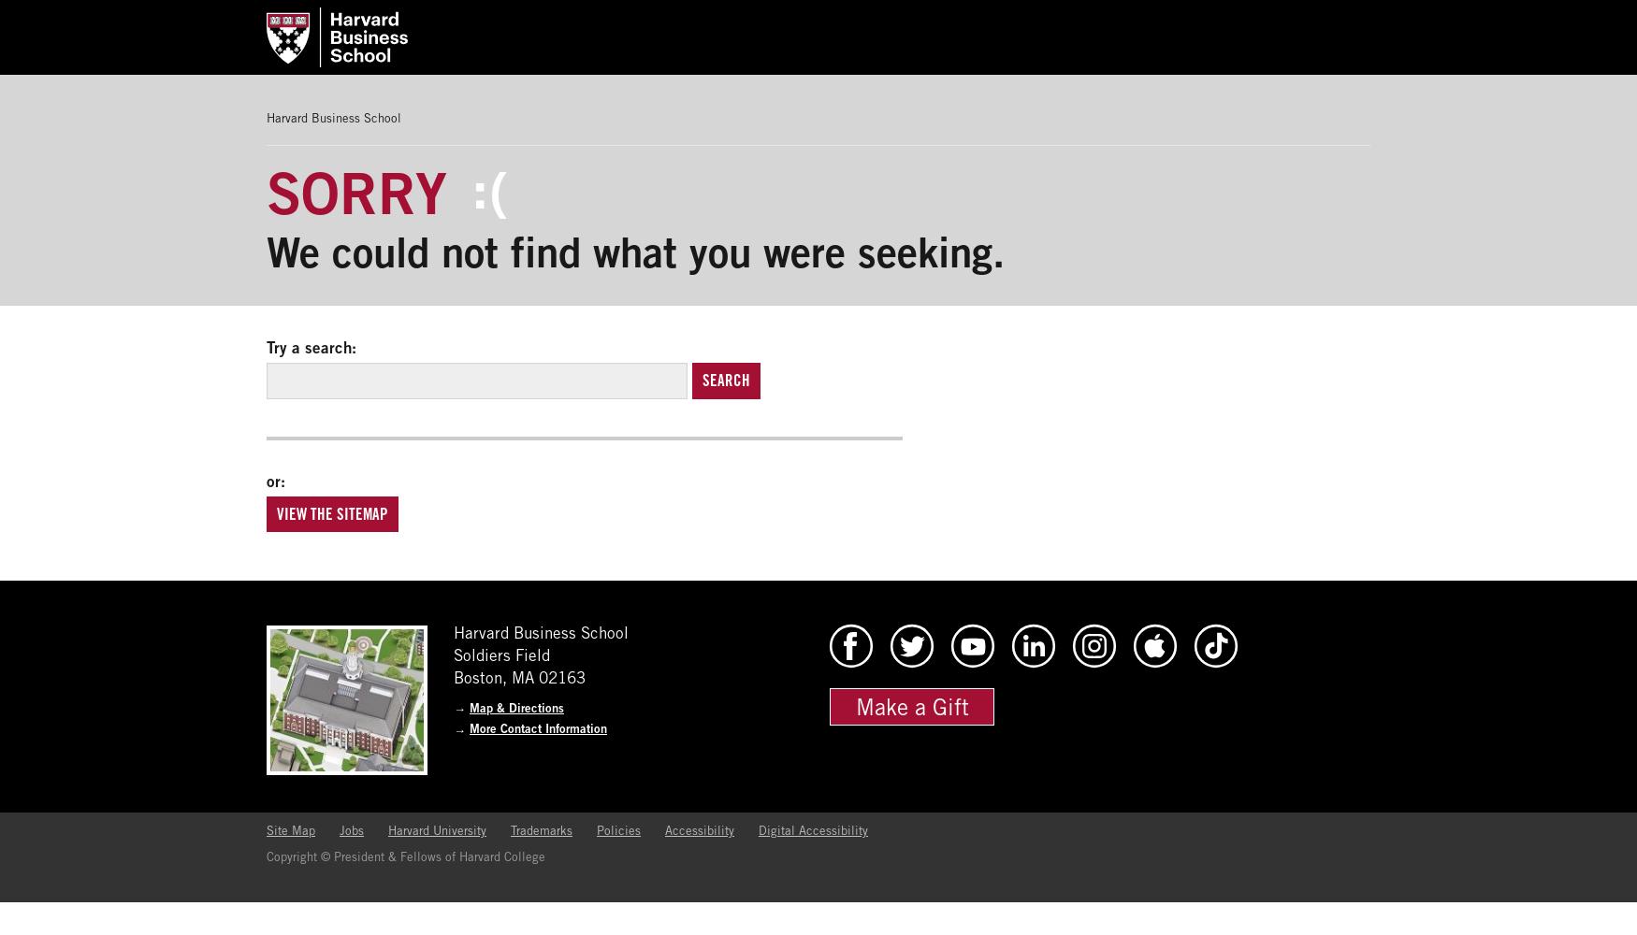 This screenshot has width=1637, height=935. What do you see at coordinates (542, 830) in the screenshot?
I see `'Trademarks'` at bounding box center [542, 830].